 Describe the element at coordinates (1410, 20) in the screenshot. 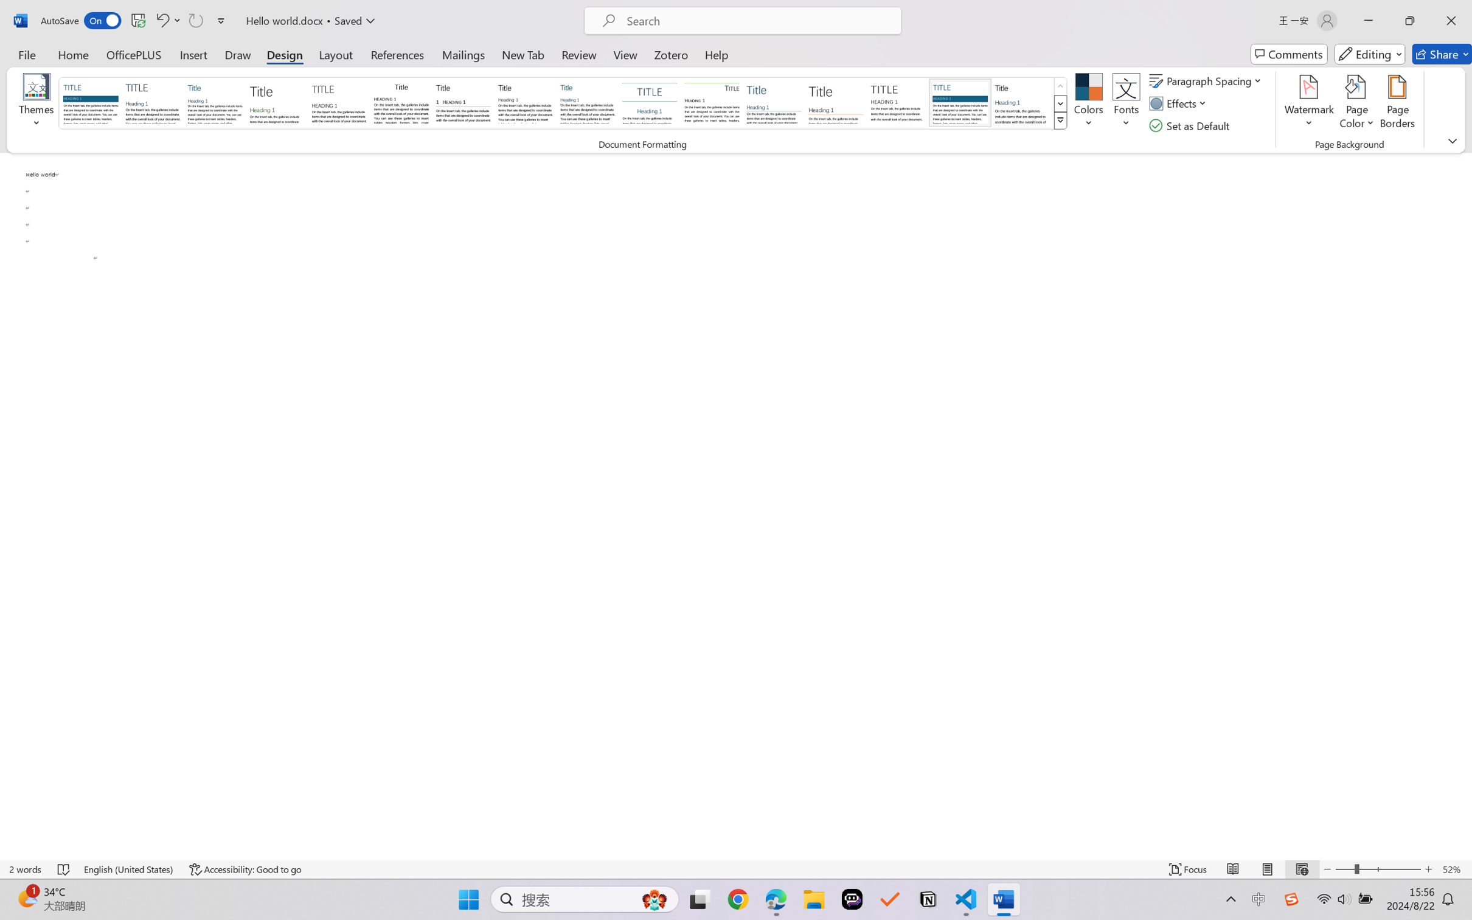

I see `'Restore Down'` at that location.